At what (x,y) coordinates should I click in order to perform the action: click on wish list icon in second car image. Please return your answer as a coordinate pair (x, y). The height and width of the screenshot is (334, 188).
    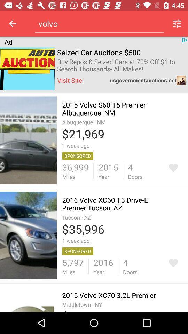
    Looking at the image, I should click on (173, 263).